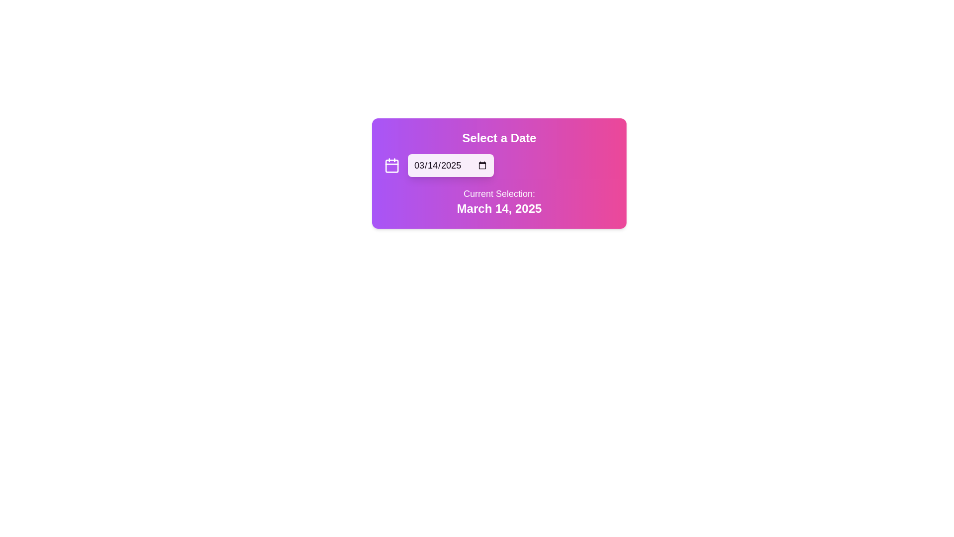  Describe the element at coordinates (391, 166) in the screenshot. I see `the central square icon of the graphical calendar symbol to initiate the date-selection process` at that location.